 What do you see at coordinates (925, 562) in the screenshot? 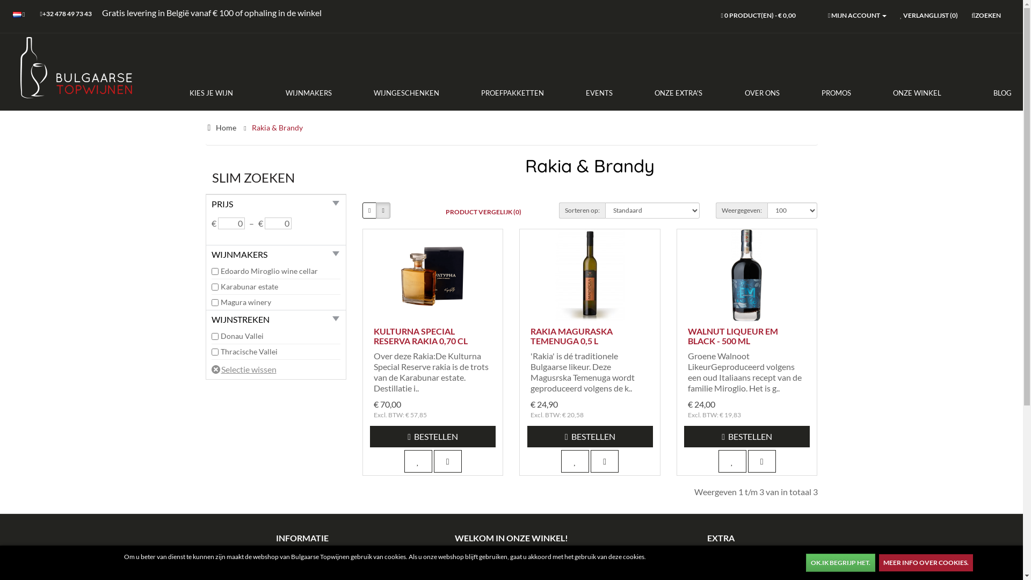
I see `'MEER INFO OVER COOKIES.'` at bounding box center [925, 562].